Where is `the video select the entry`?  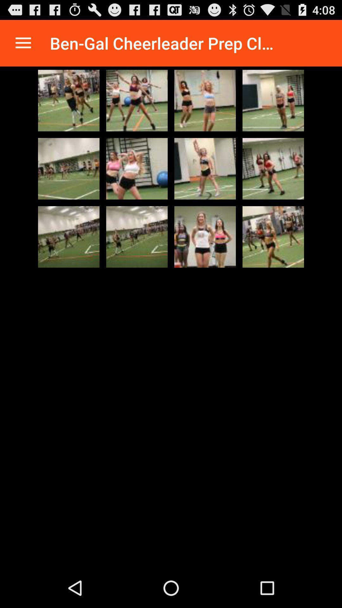 the video select the entry is located at coordinates (273, 168).